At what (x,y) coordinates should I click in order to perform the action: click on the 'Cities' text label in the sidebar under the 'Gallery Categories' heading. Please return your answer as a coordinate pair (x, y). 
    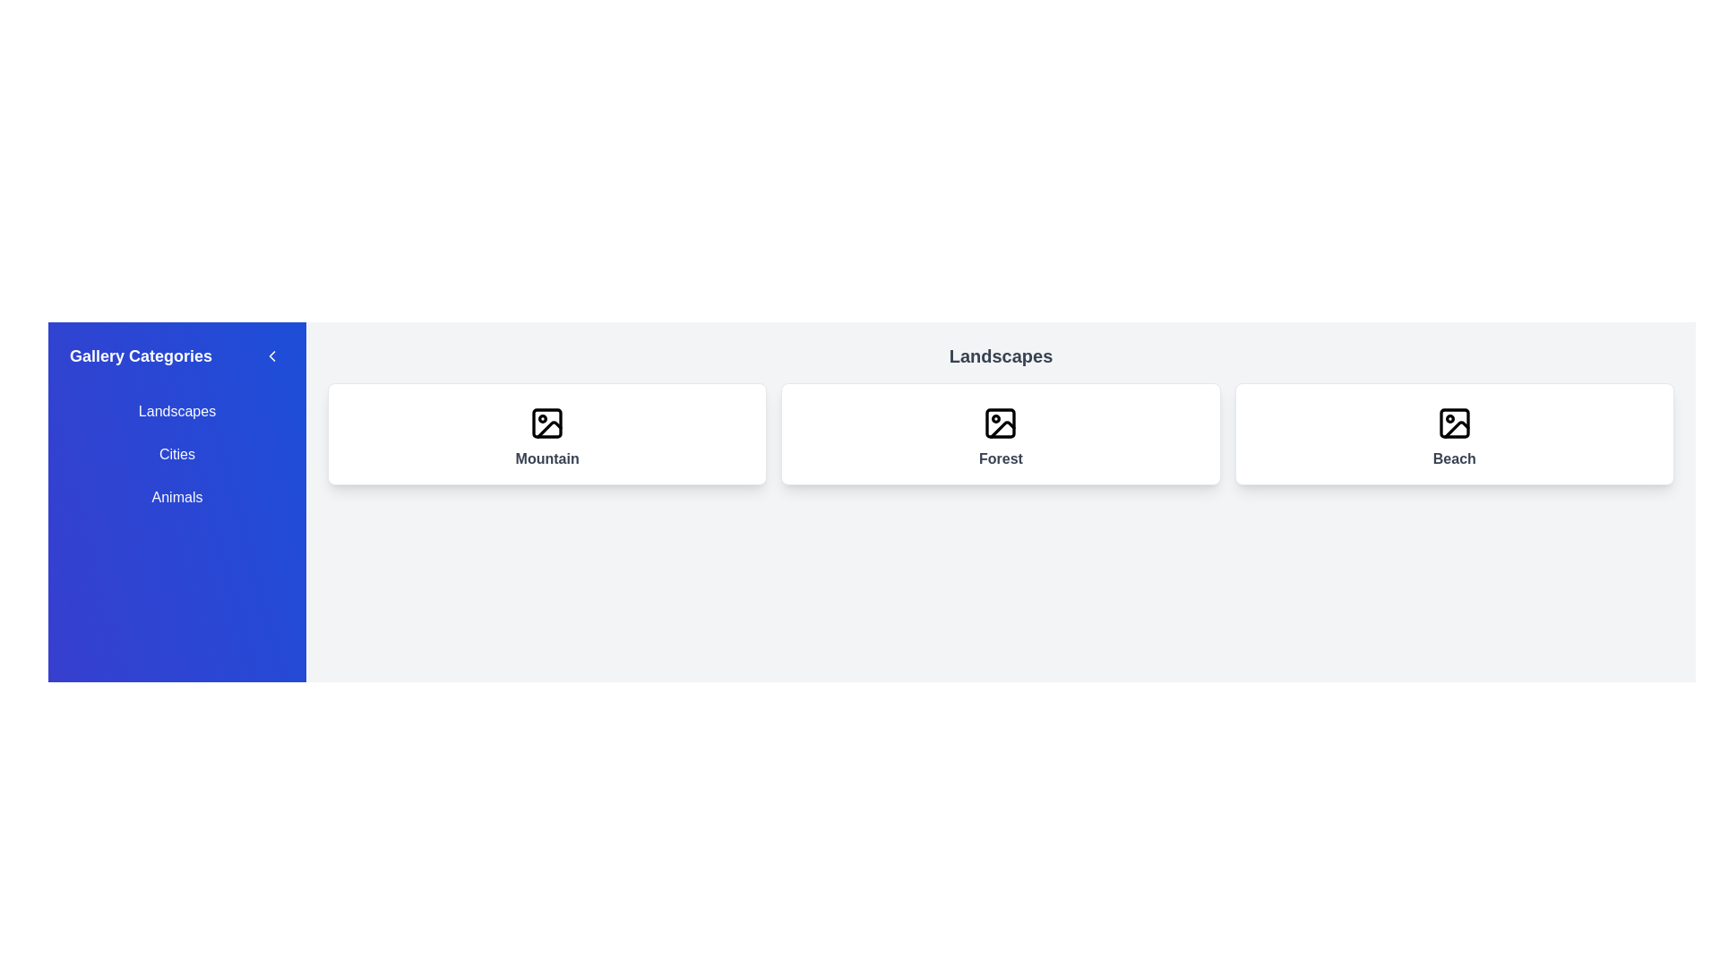
    Looking at the image, I should click on (176, 454).